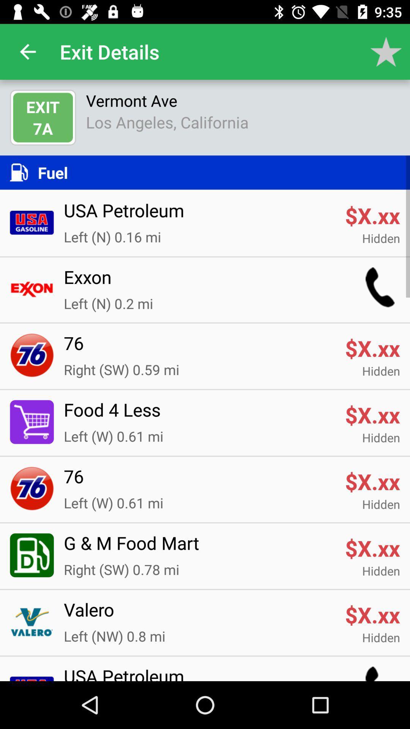 This screenshot has width=410, height=729. Describe the element at coordinates (199, 281) in the screenshot. I see `item below hidden item` at that location.